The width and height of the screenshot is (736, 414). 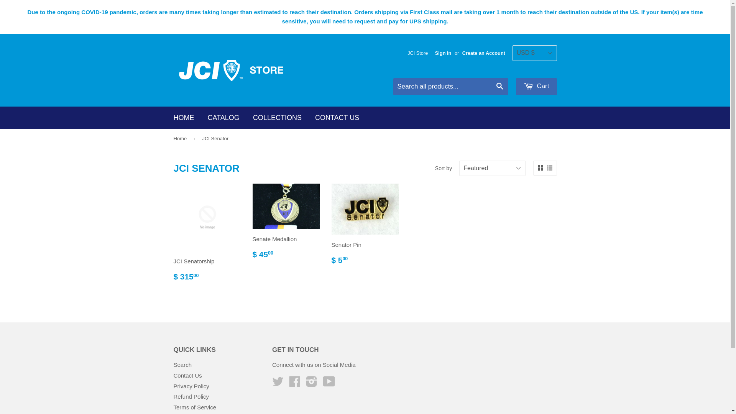 What do you see at coordinates (285, 224) in the screenshot?
I see `'Senate Medallion` at bounding box center [285, 224].